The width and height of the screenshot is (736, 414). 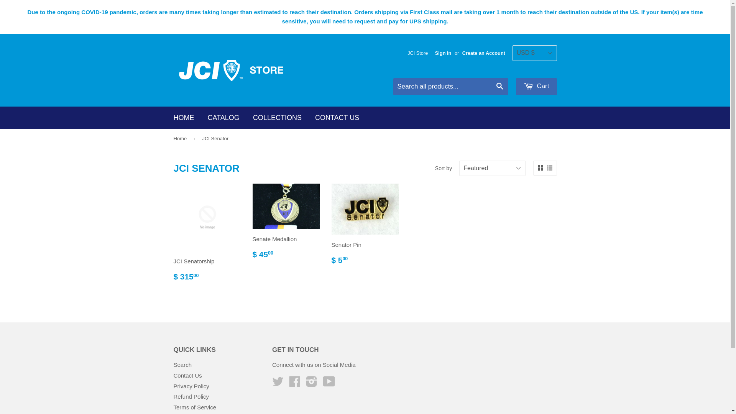 What do you see at coordinates (285, 224) in the screenshot?
I see `'Senate Medallion` at bounding box center [285, 224].